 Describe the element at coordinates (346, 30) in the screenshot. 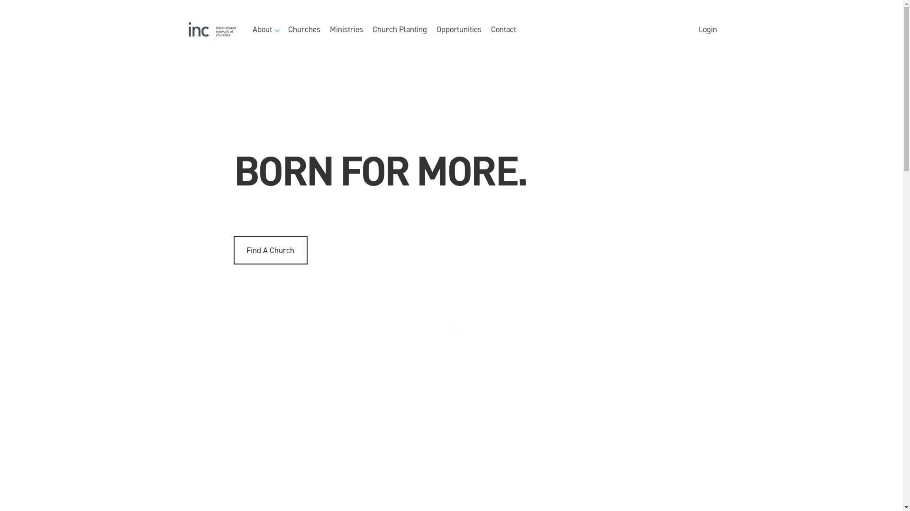

I see `'Ministries'` at that location.